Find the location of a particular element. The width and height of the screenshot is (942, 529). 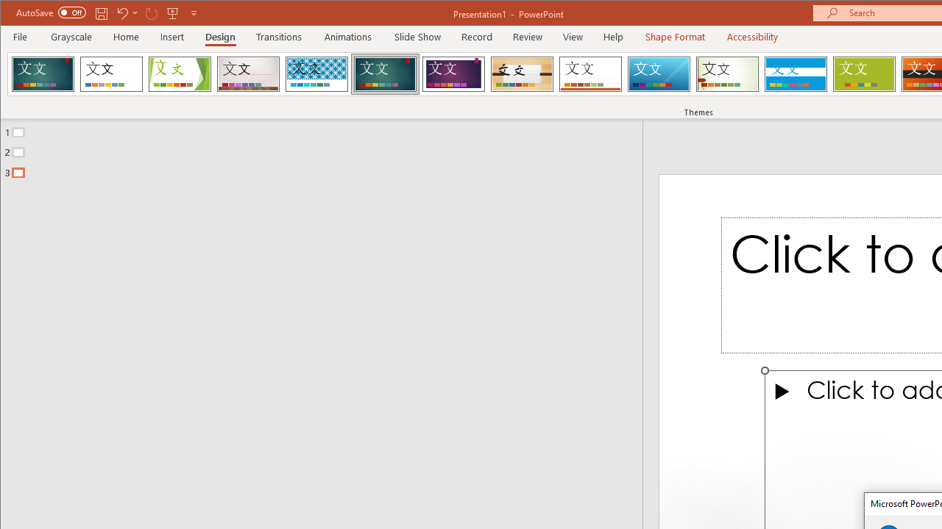

'Office Theme' is located at coordinates (110, 73).